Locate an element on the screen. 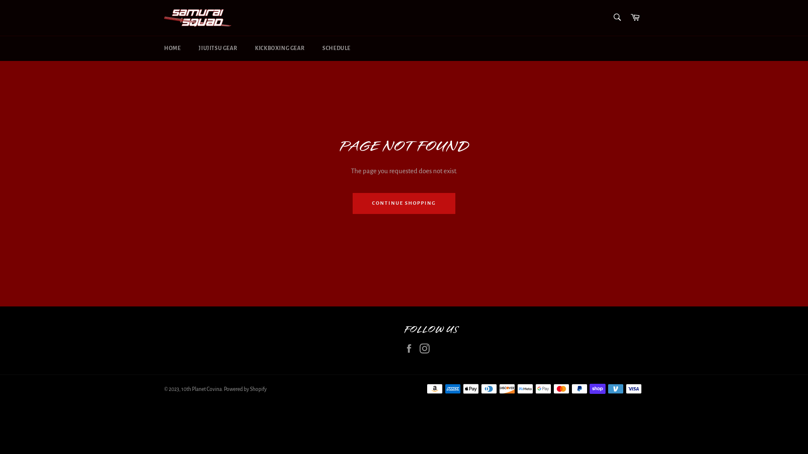  'Facebook' is located at coordinates (411, 348).